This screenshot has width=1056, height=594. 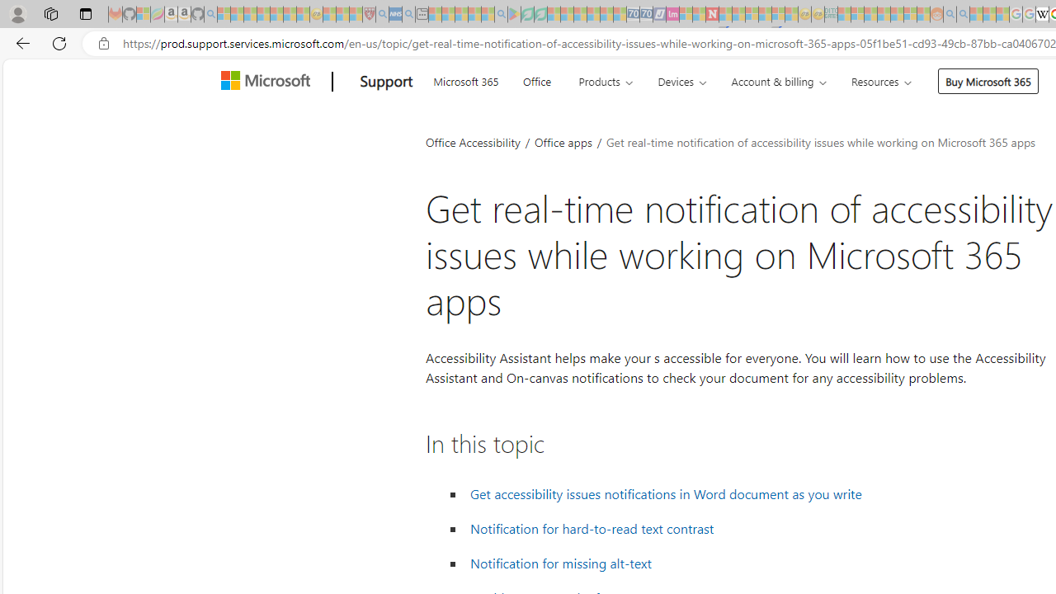 What do you see at coordinates (536, 79) in the screenshot?
I see `'Office'` at bounding box center [536, 79].